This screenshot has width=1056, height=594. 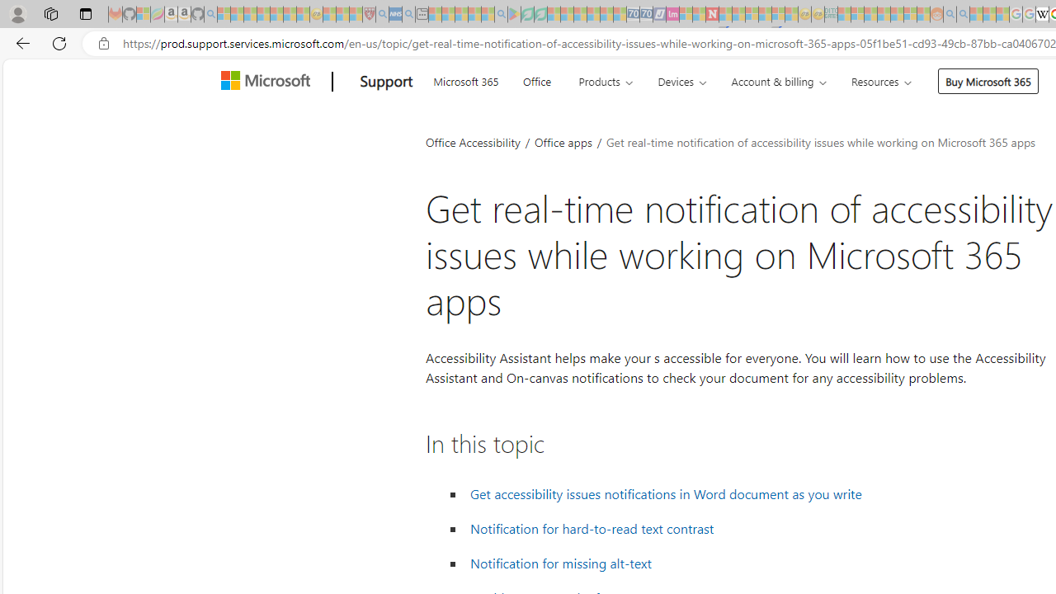 What do you see at coordinates (536, 79) in the screenshot?
I see `'Office'` at bounding box center [536, 79].